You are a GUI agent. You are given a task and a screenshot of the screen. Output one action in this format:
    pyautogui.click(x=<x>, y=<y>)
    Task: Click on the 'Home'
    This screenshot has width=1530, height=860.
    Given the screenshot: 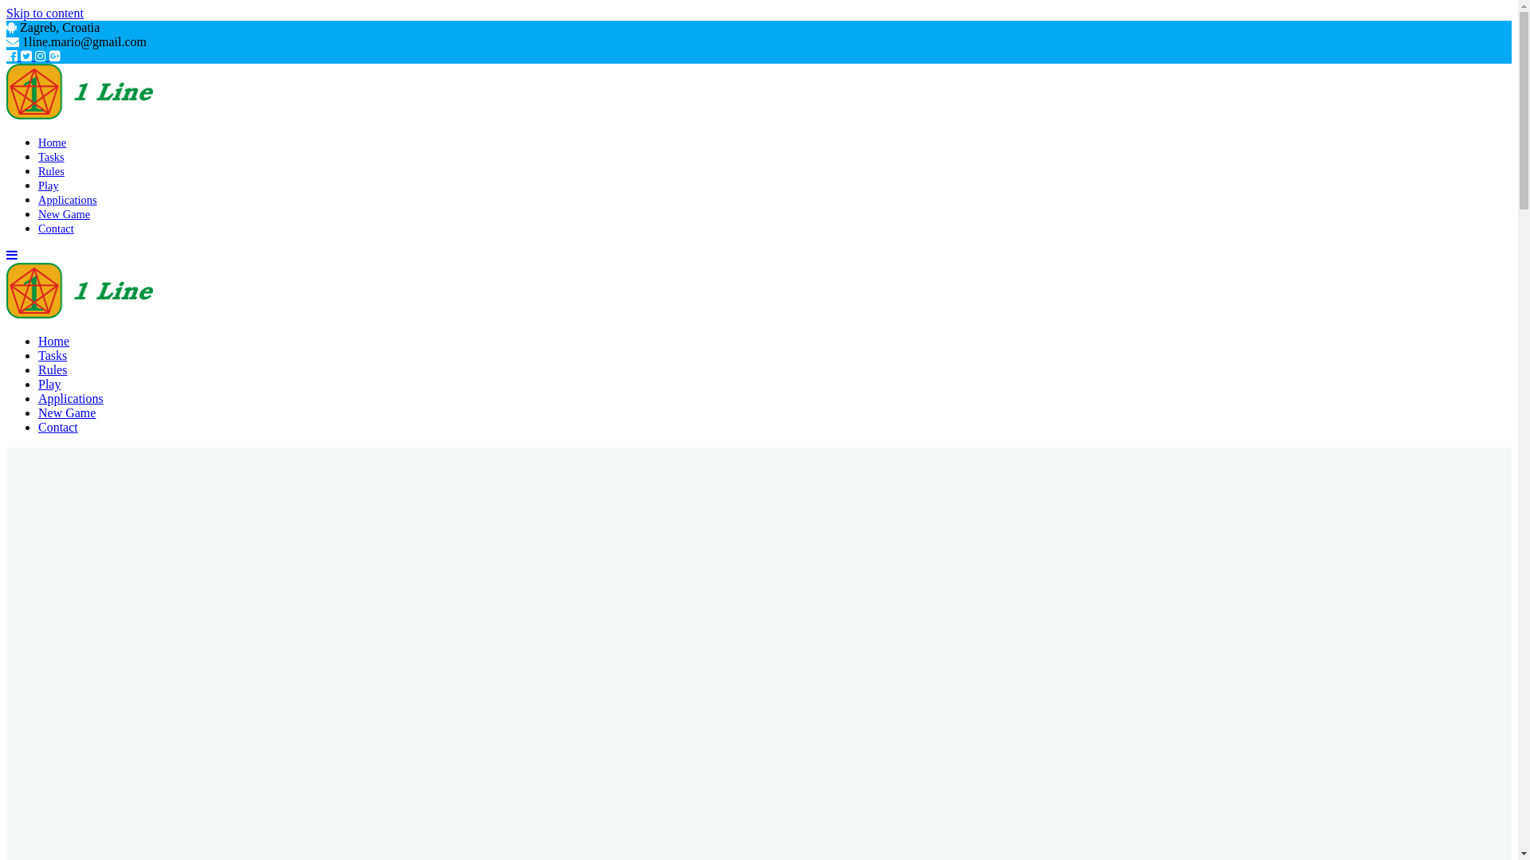 What is the action you would take?
    pyautogui.click(x=53, y=340)
    